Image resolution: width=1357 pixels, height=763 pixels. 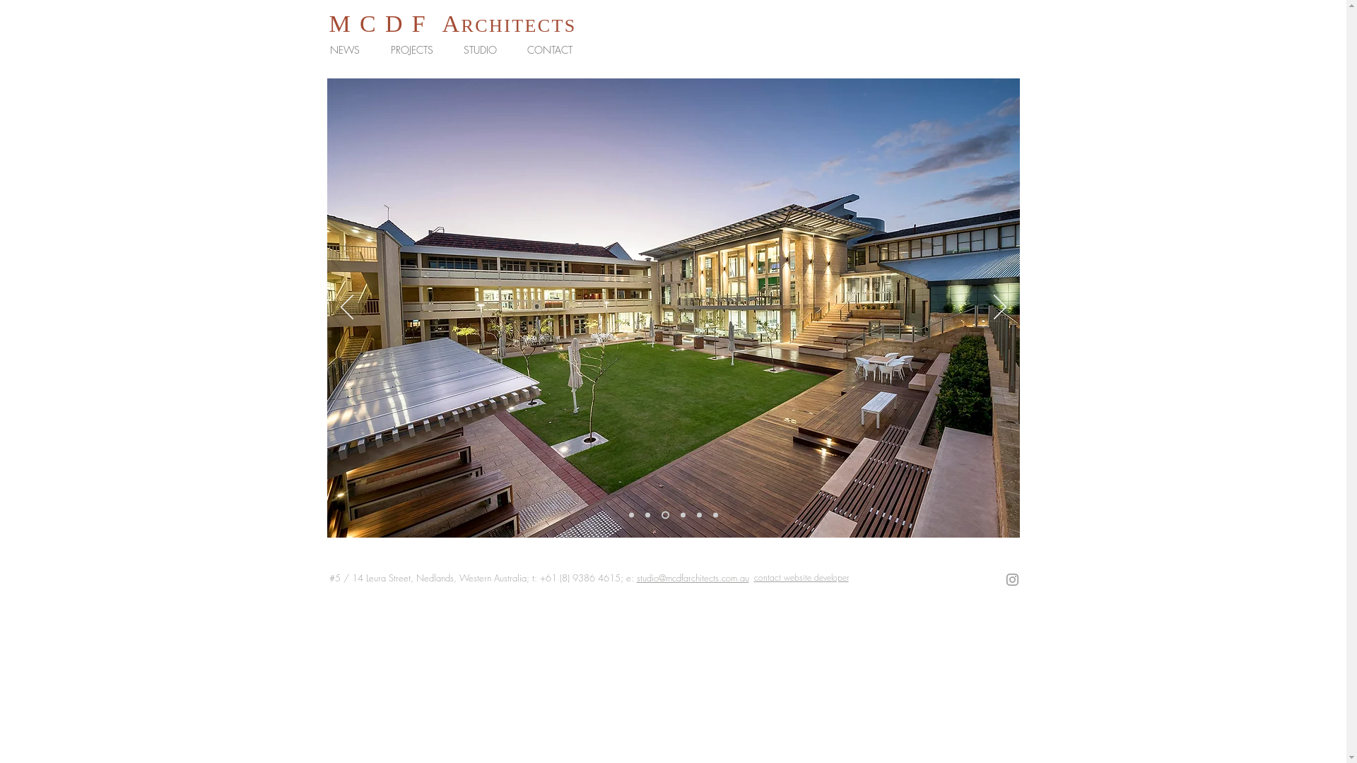 I want to click on 'PROJECTS', so click(x=416, y=49).